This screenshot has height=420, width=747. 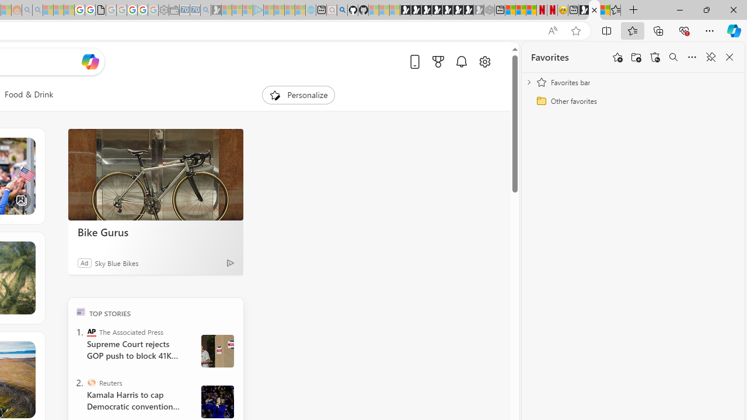 What do you see at coordinates (90, 382) in the screenshot?
I see `'Reuters'` at bounding box center [90, 382].